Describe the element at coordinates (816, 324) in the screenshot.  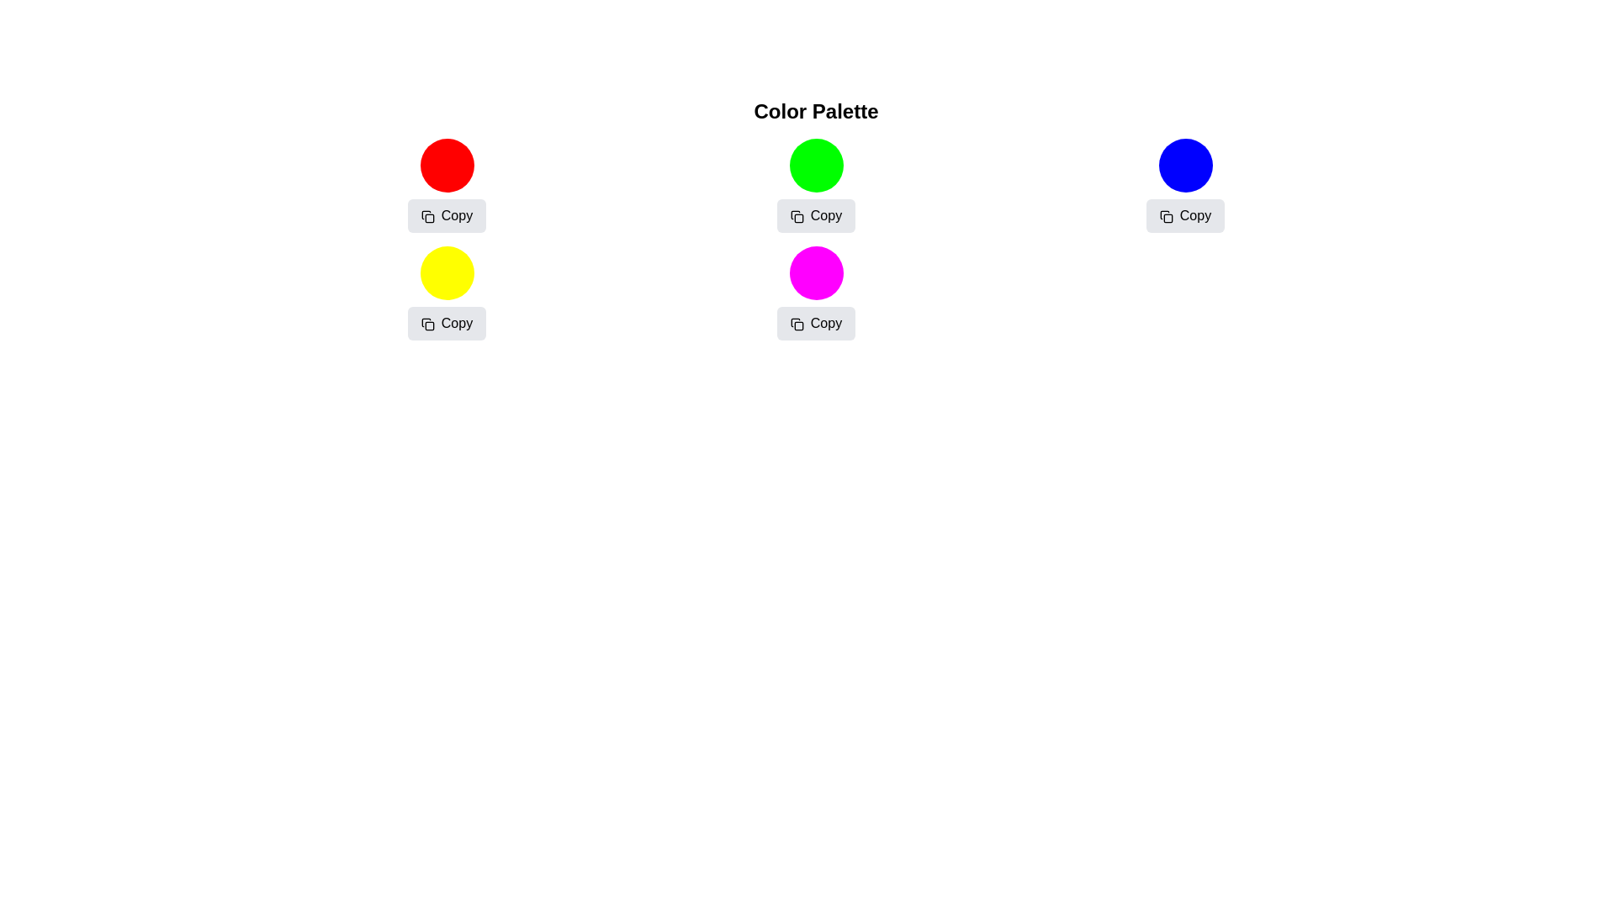
I see `the 'Copy' button located directly below the pink-colored circle in the 'Color Palette' column to change its background color` at that location.